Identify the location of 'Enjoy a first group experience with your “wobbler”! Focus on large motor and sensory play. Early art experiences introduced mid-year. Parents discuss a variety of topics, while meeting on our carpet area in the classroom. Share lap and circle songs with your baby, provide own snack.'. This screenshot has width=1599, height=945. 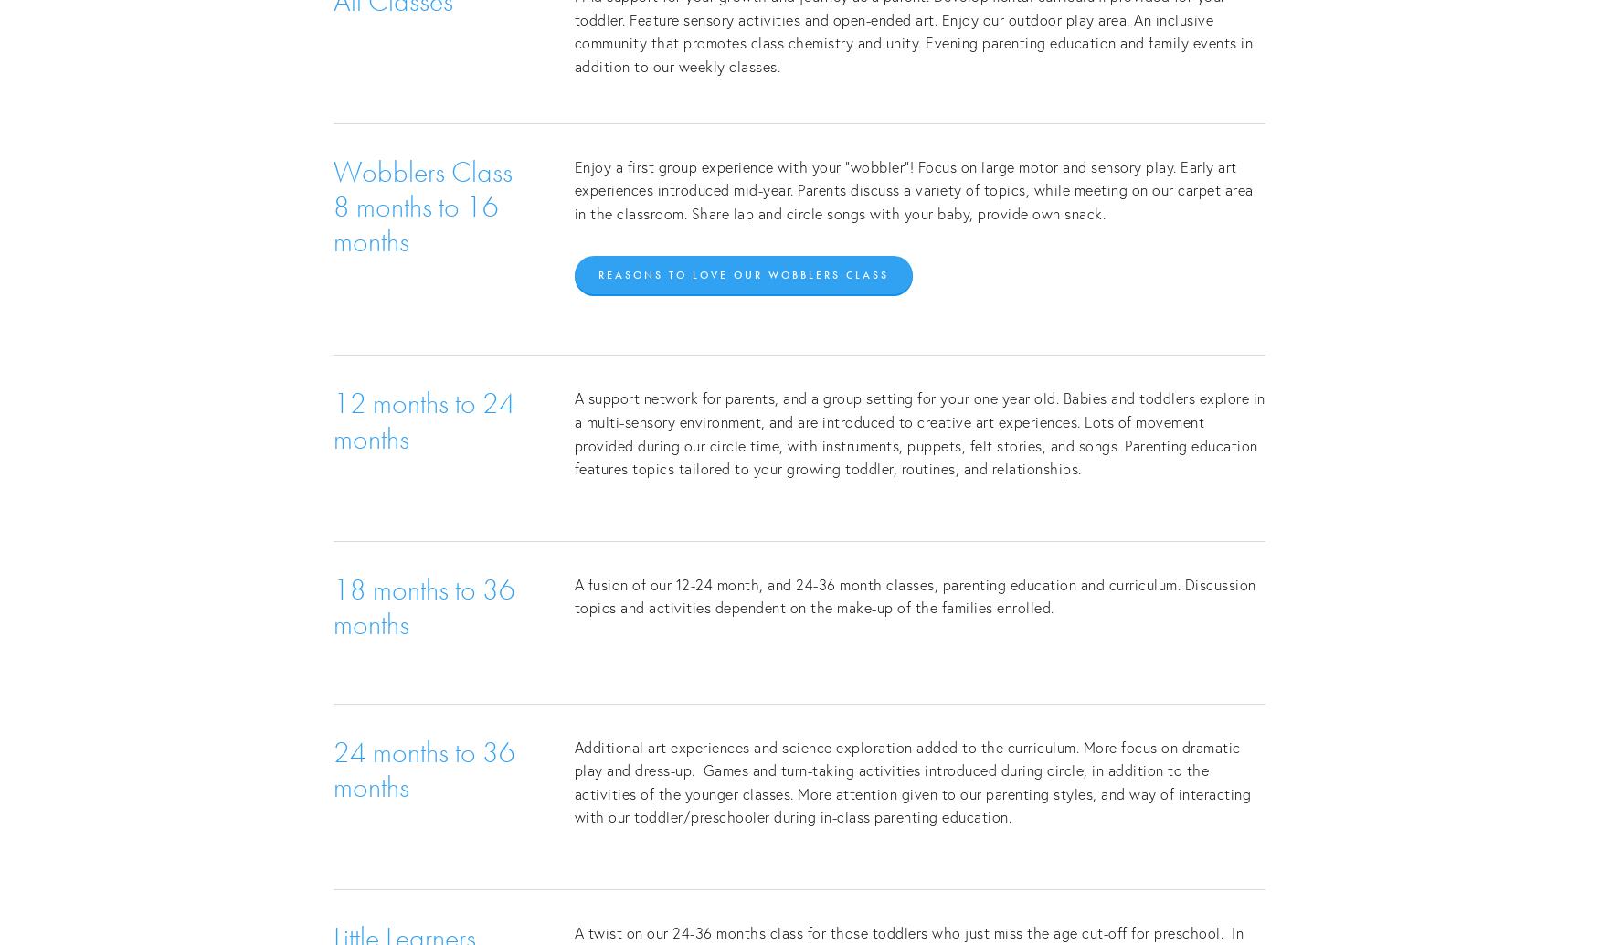
(915, 189).